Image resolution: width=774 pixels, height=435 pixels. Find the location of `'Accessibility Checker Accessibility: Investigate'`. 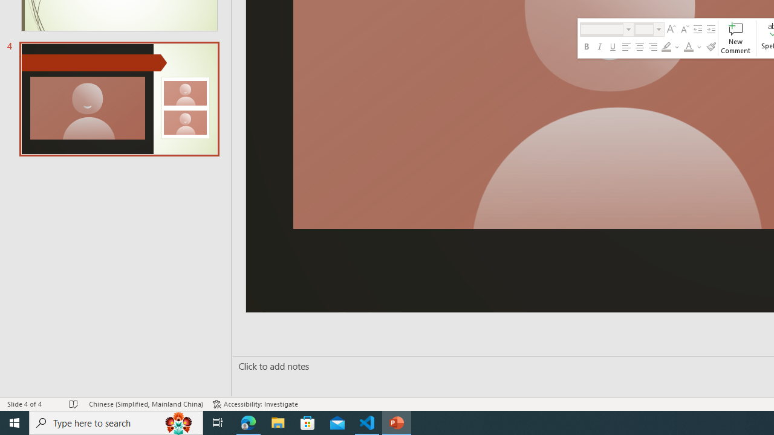

'Accessibility Checker Accessibility: Investigate' is located at coordinates (255, 404).